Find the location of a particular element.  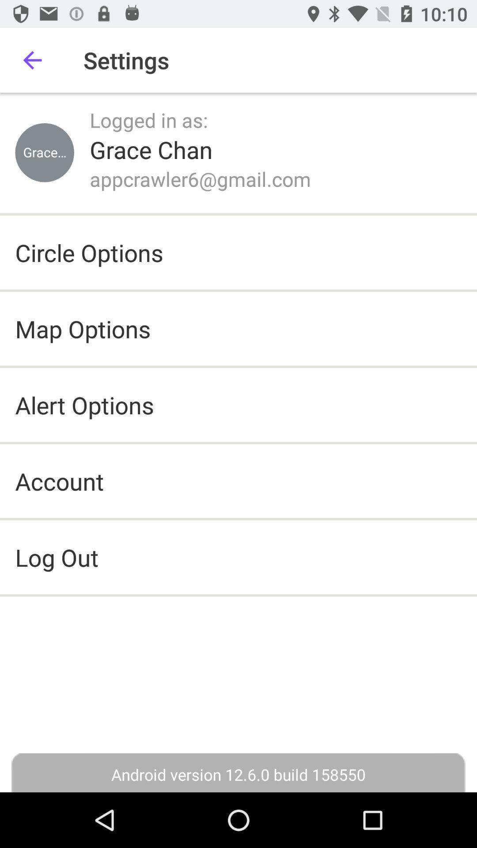

icon above the android version 12 is located at coordinates (238, 556).